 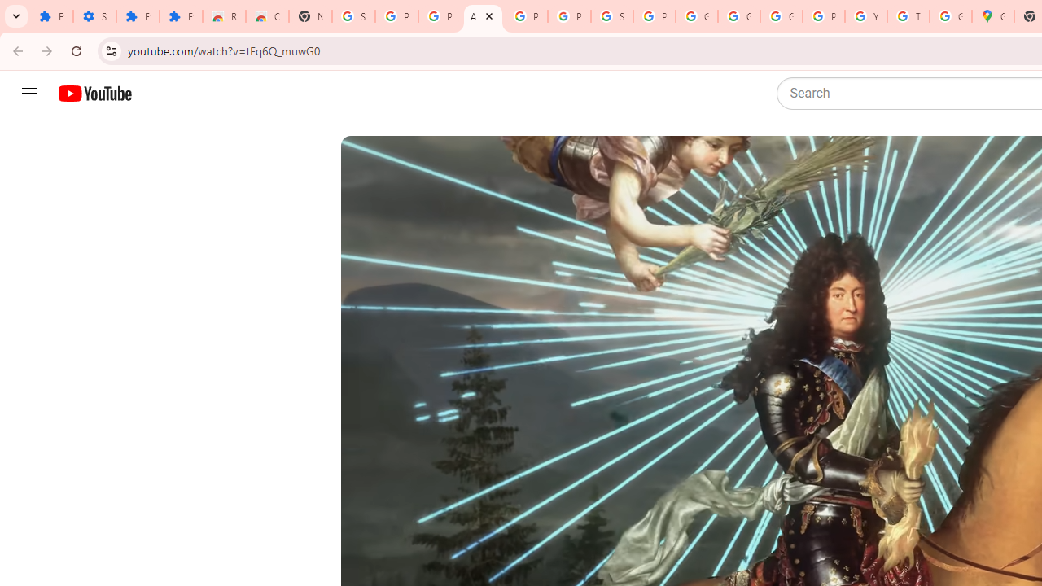 I want to click on 'View site information', so click(x=110, y=50).